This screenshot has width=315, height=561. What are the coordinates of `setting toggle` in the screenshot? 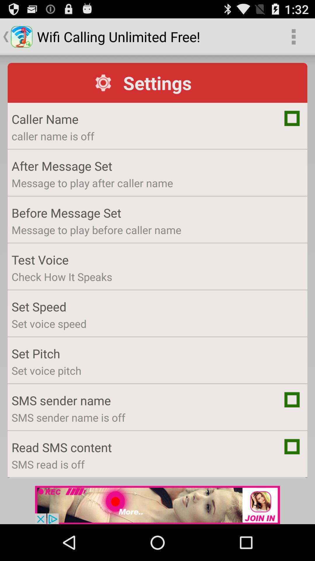 It's located at (292, 399).